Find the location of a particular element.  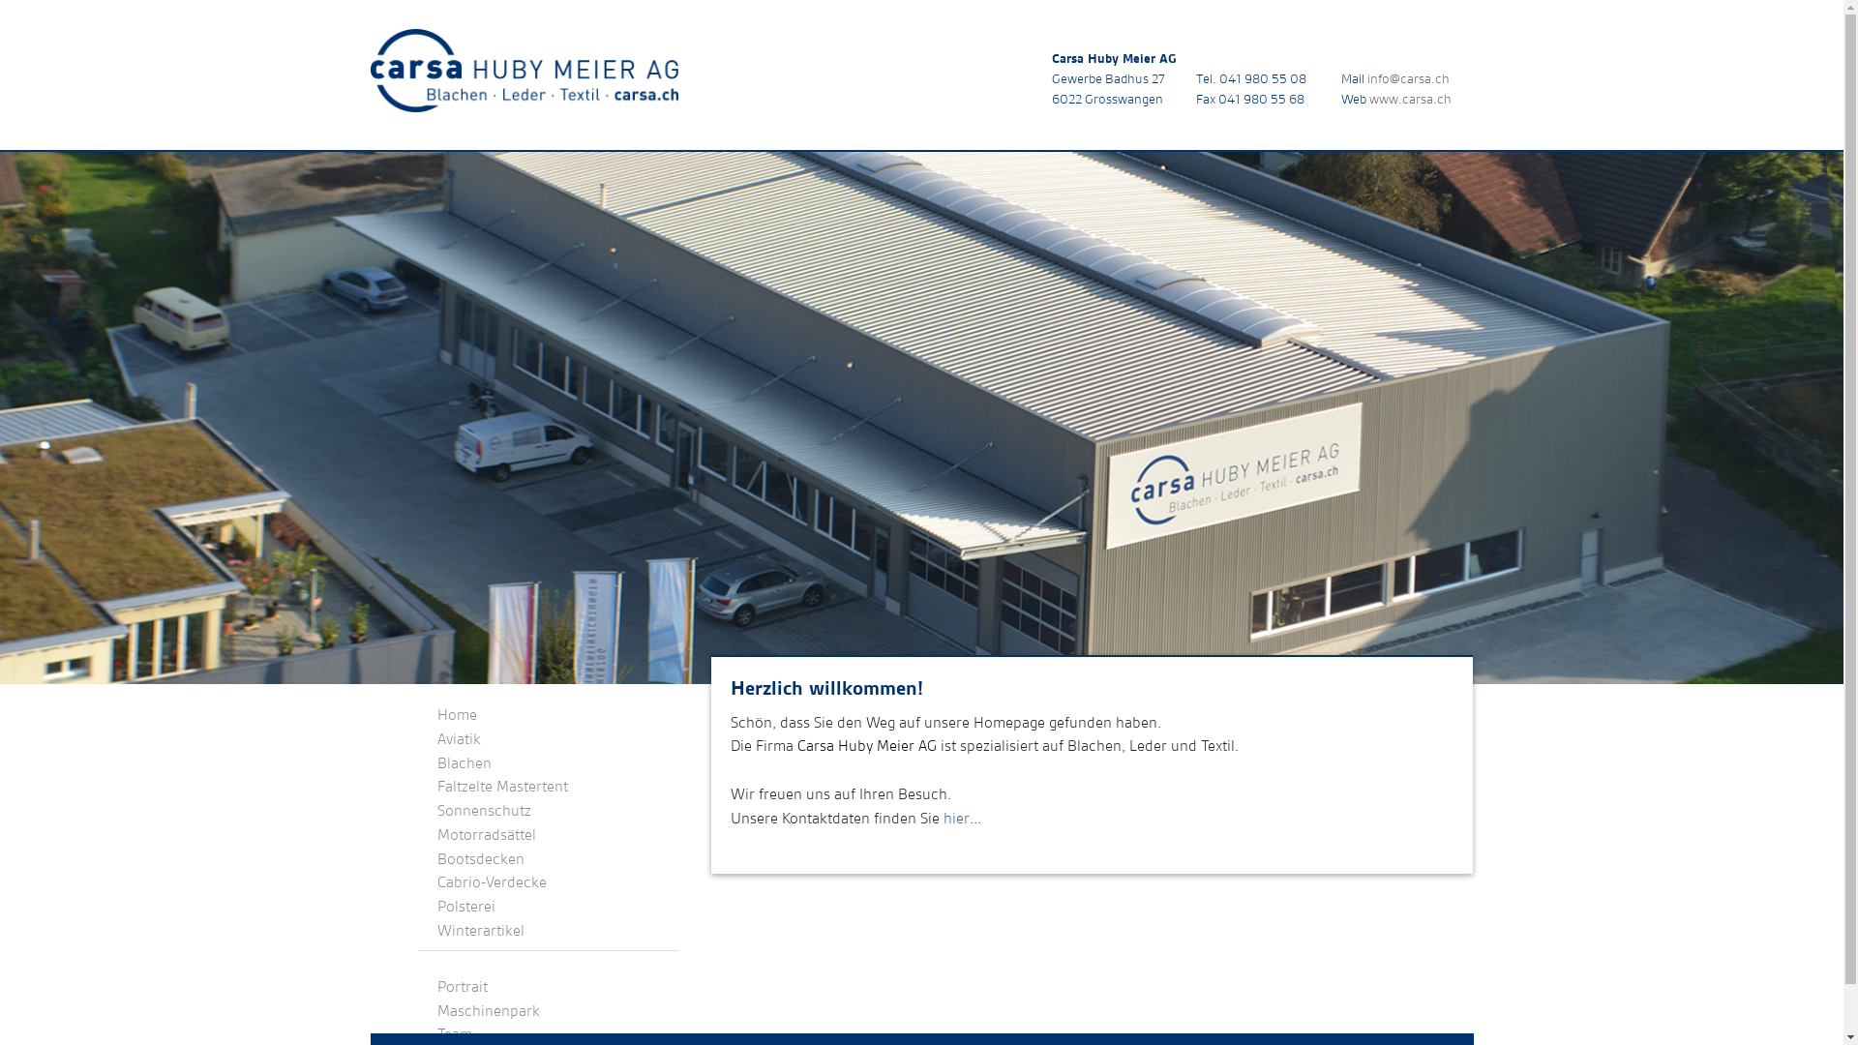

'Portrait' is located at coordinates (462, 986).